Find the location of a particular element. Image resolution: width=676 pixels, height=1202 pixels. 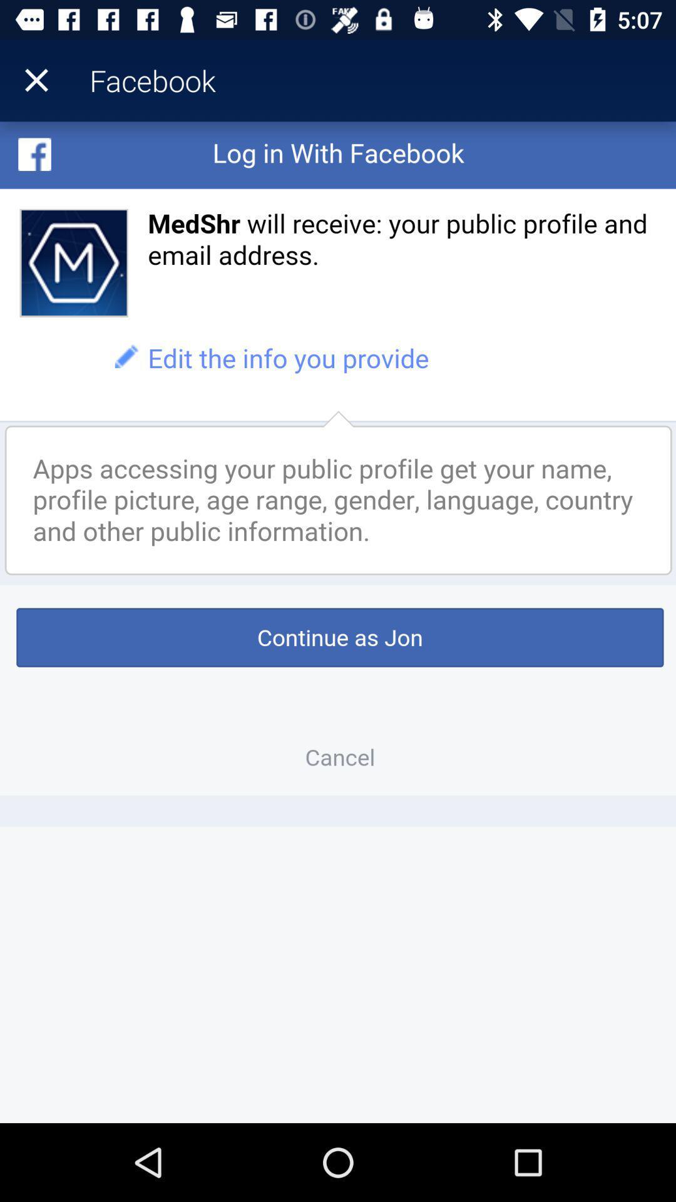

continue in the app is located at coordinates (338, 622).